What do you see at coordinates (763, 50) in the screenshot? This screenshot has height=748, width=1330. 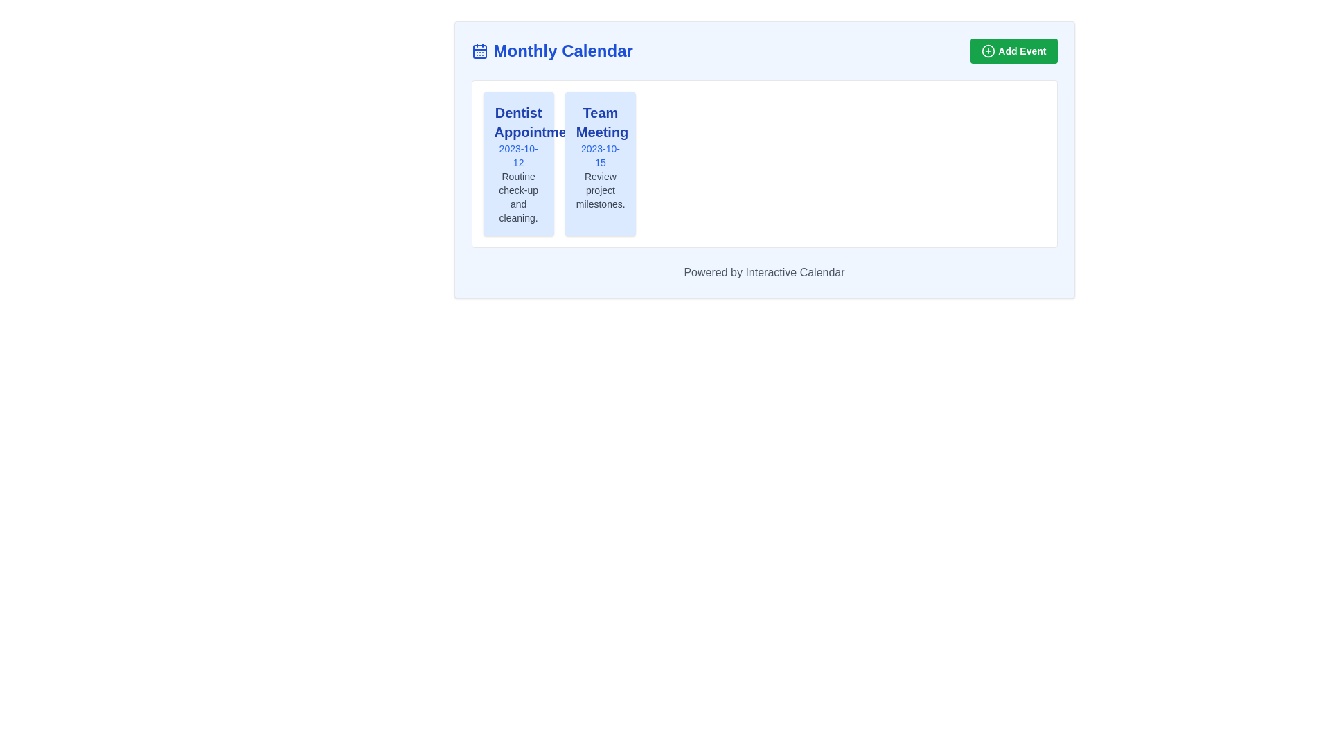 I see `the title of the Monthly Calendar section for more details` at bounding box center [763, 50].